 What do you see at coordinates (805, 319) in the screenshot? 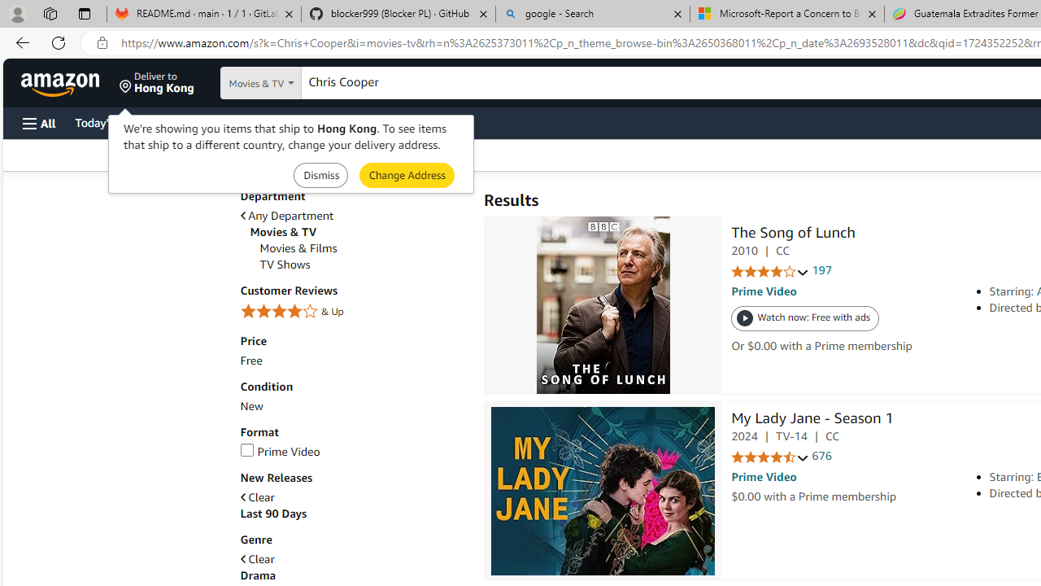
I see `'Watch now: Free with ads'` at bounding box center [805, 319].